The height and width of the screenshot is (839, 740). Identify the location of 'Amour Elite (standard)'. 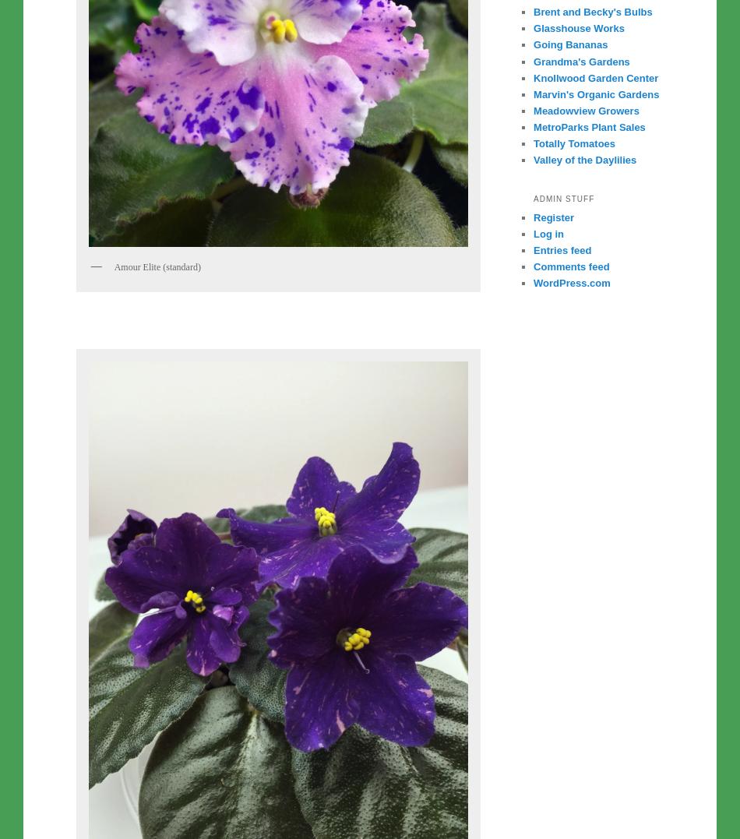
(157, 265).